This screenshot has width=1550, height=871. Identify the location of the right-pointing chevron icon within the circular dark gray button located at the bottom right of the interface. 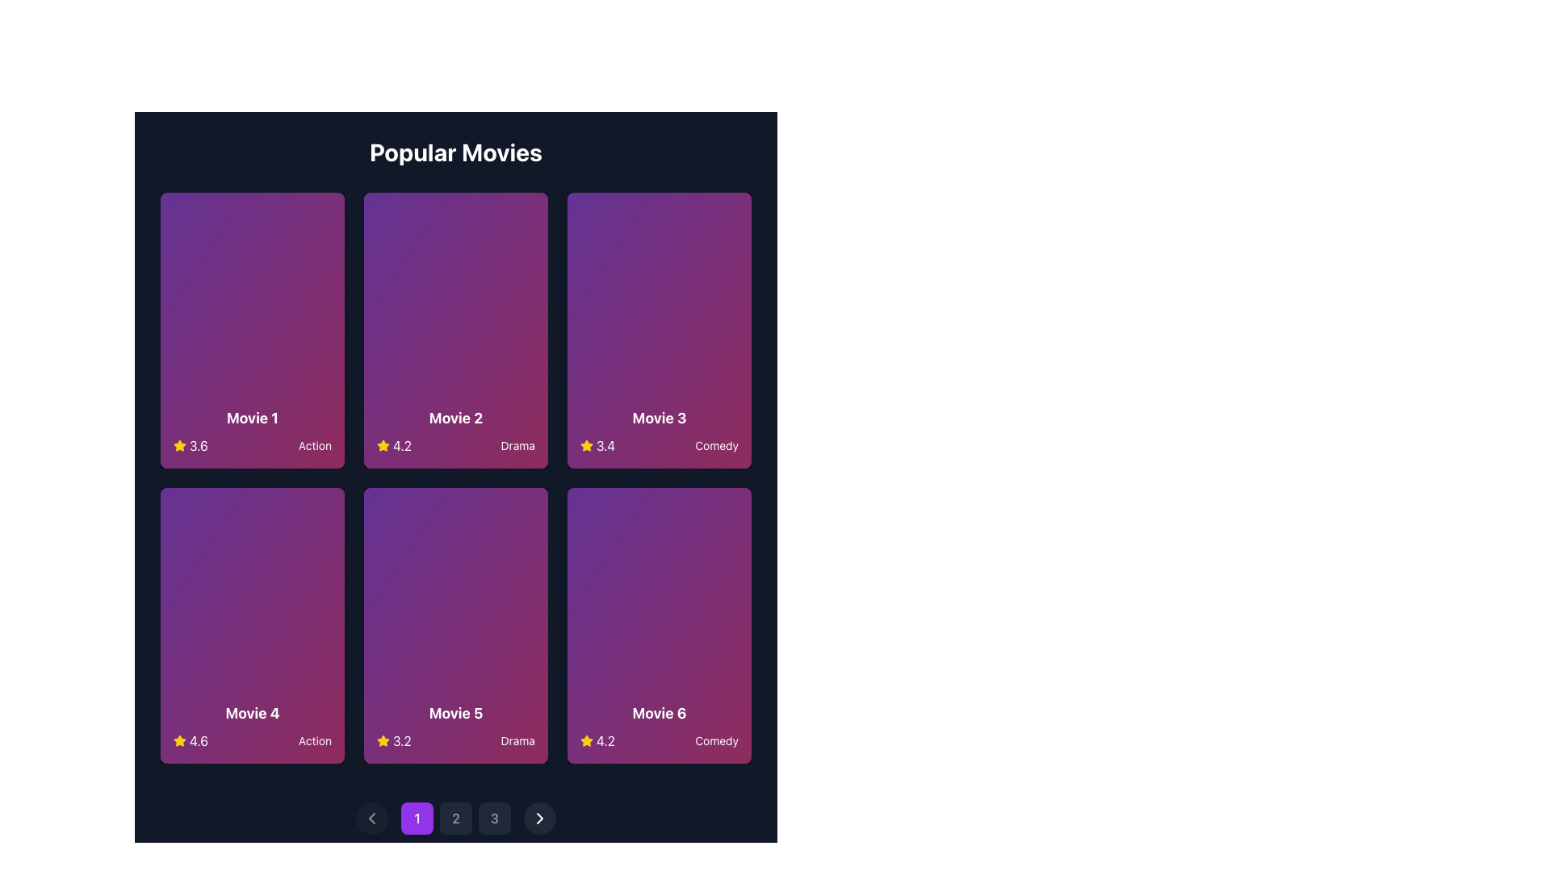
(539, 818).